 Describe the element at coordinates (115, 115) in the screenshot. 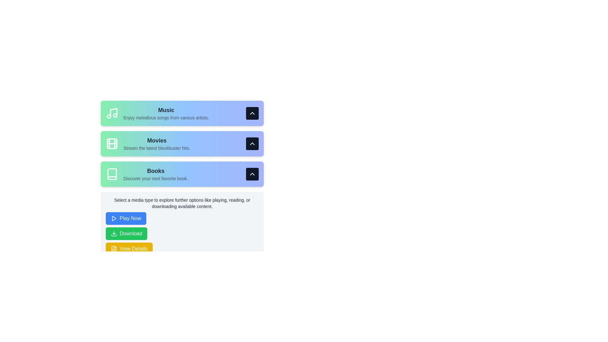

I see `the small filled circle located within the music icon, positioned towards the top-right of the icon, which is part of the 'Music' section in a vertical list` at that location.